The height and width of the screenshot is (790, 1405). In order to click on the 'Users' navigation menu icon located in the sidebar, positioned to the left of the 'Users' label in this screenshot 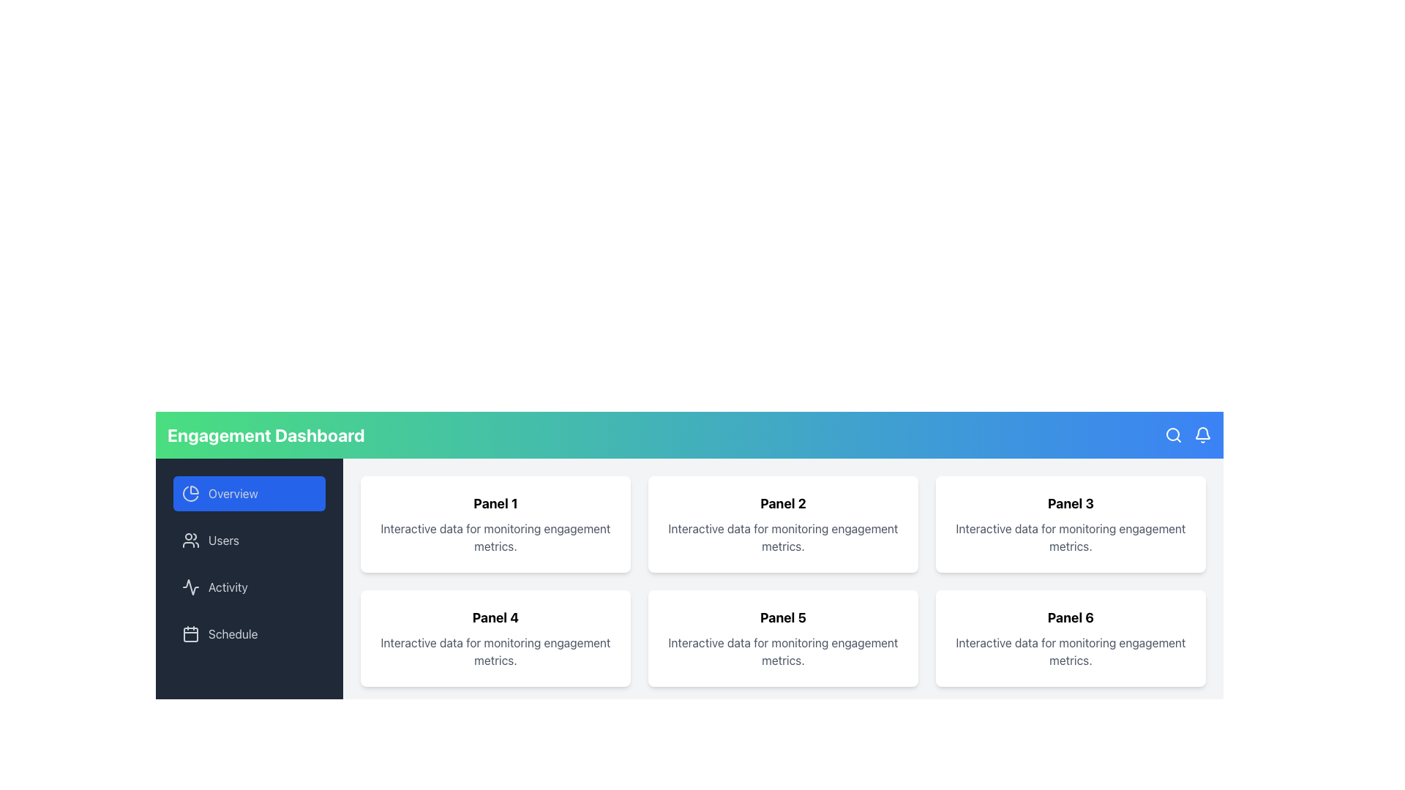, I will do `click(190, 541)`.